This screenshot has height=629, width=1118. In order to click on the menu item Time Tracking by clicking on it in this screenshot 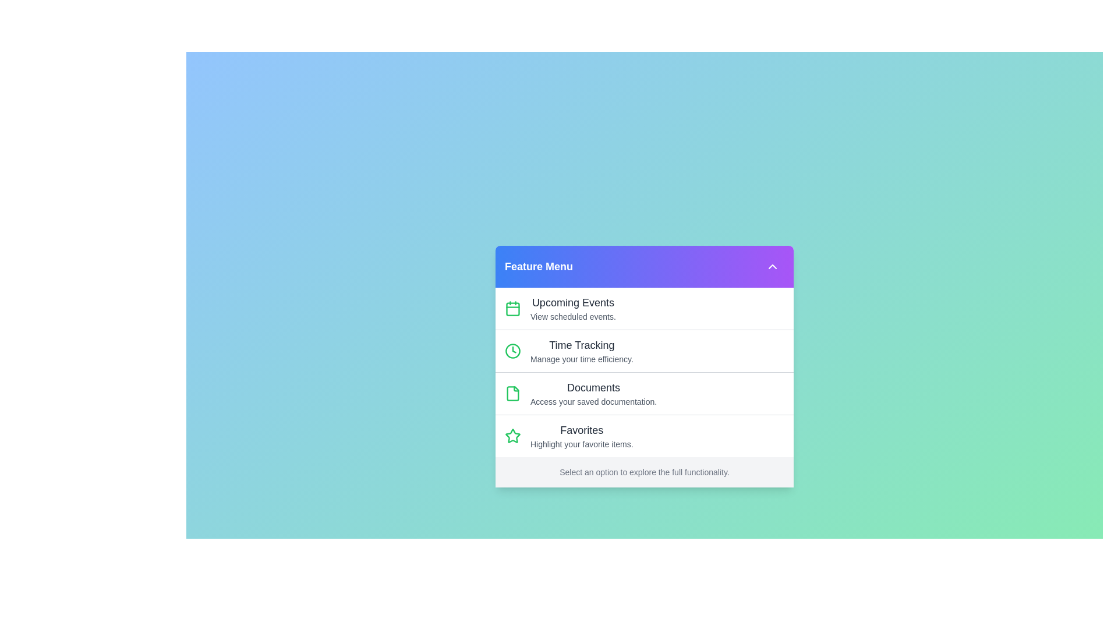, I will do `click(644, 349)`.